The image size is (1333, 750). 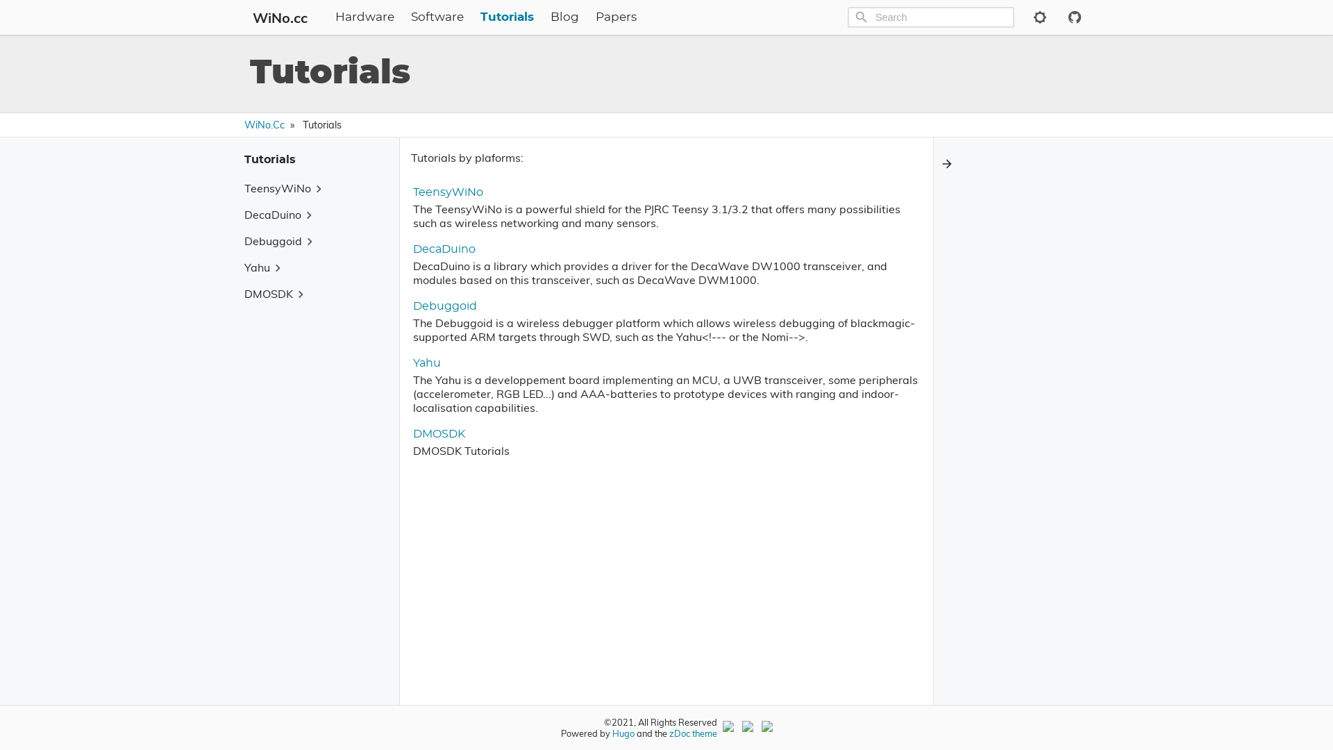 What do you see at coordinates (596, 17) in the screenshot?
I see `'Papers'` at bounding box center [596, 17].